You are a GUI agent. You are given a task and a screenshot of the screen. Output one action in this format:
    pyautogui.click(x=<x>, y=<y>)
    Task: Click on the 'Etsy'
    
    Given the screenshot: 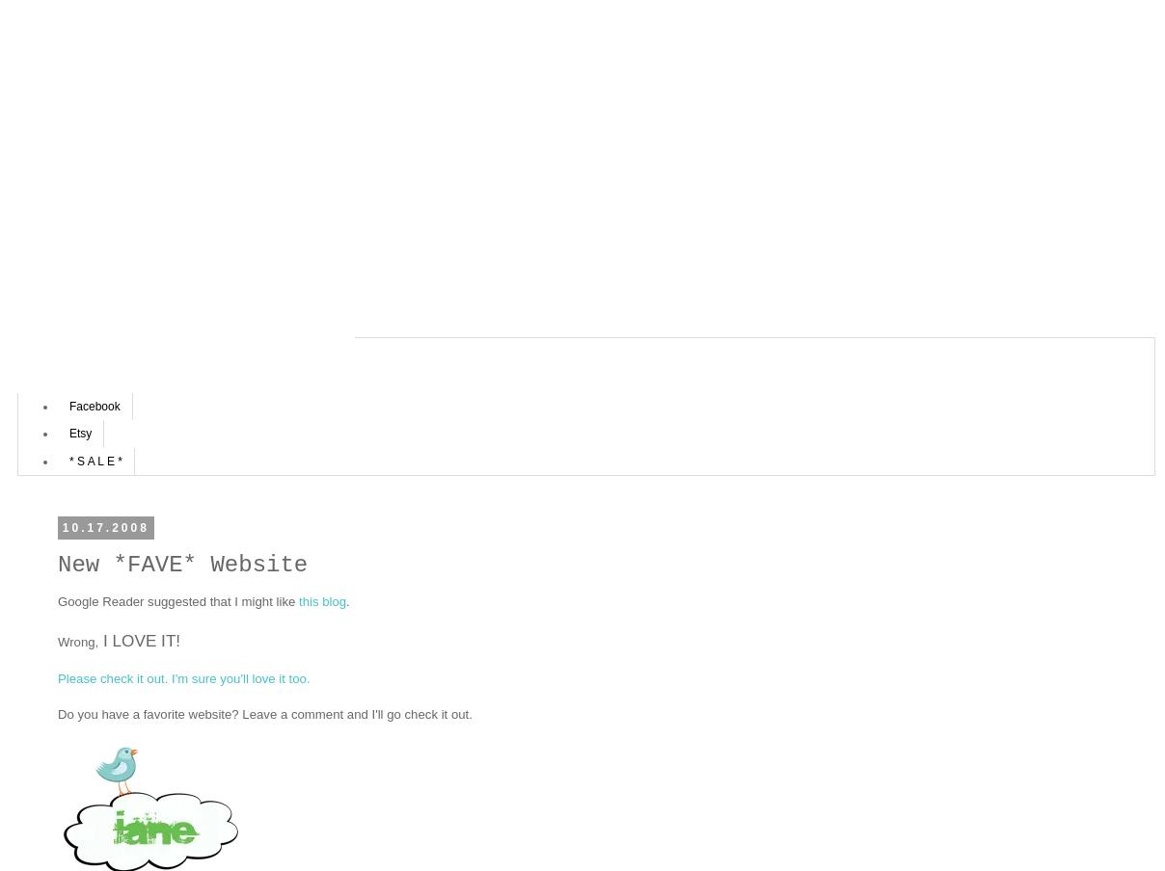 What is the action you would take?
    pyautogui.click(x=79, y=434)
    